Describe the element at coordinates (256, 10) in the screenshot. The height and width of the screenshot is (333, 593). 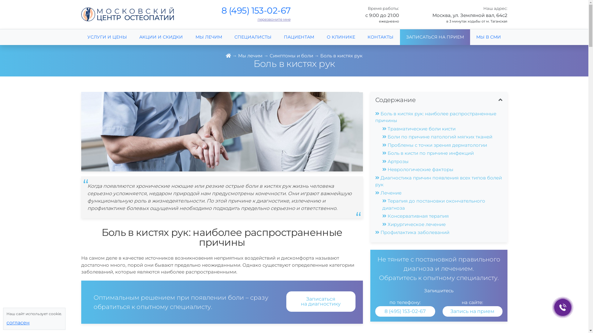
I see `'8 (495) 153-02-67'` at that location.